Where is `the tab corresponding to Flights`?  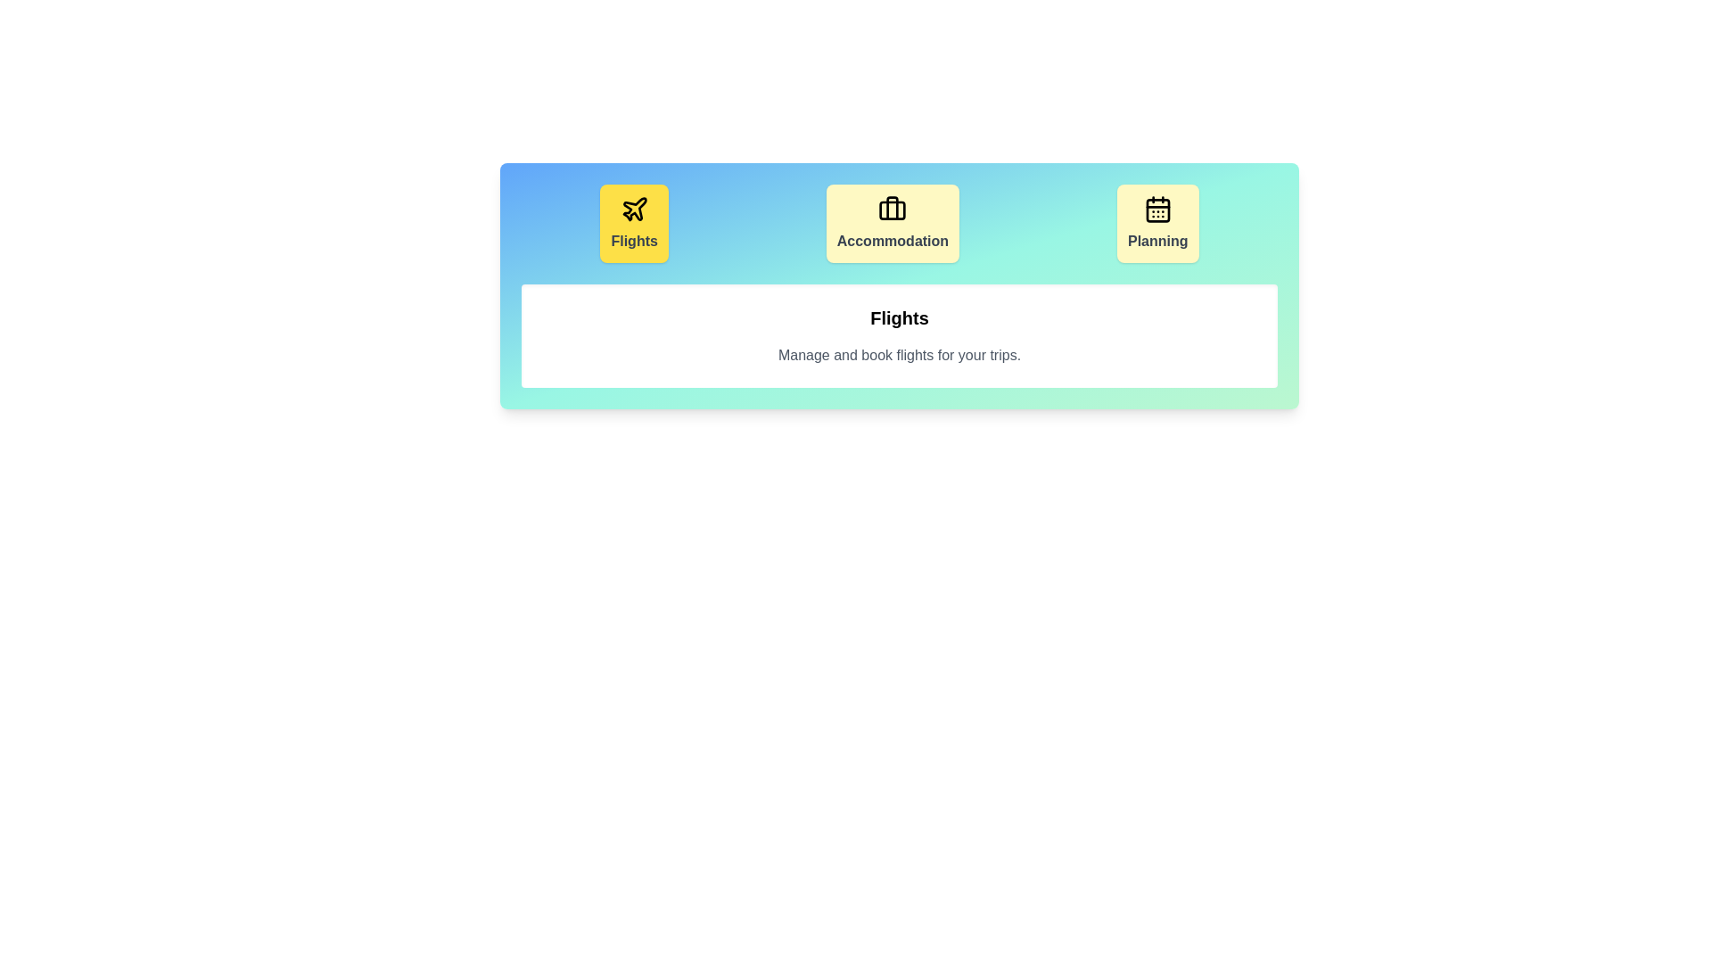 the tab corresponding to Flights is located at coordinates (634, 222).